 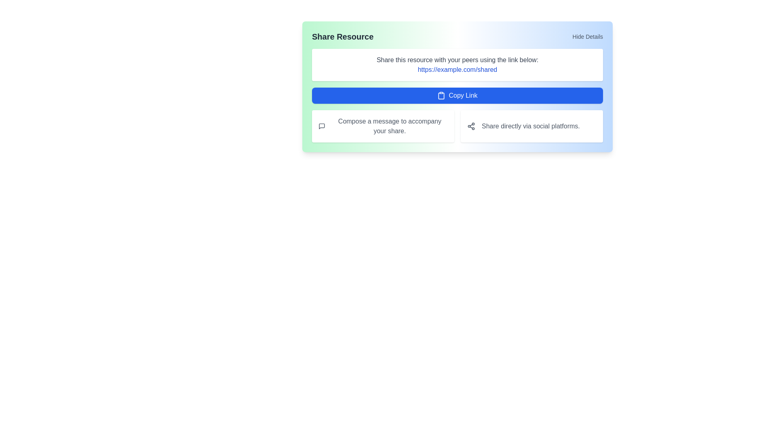 What do you see at coordinates (321, 126) in the screenshot?
I see `the speech bubble icon, which is a compact graphical element with a modern outline style located to the left of the text 'Compose a message to accompany your share.' in the lower portion of the dialog box` at bounding box center [321, 126].